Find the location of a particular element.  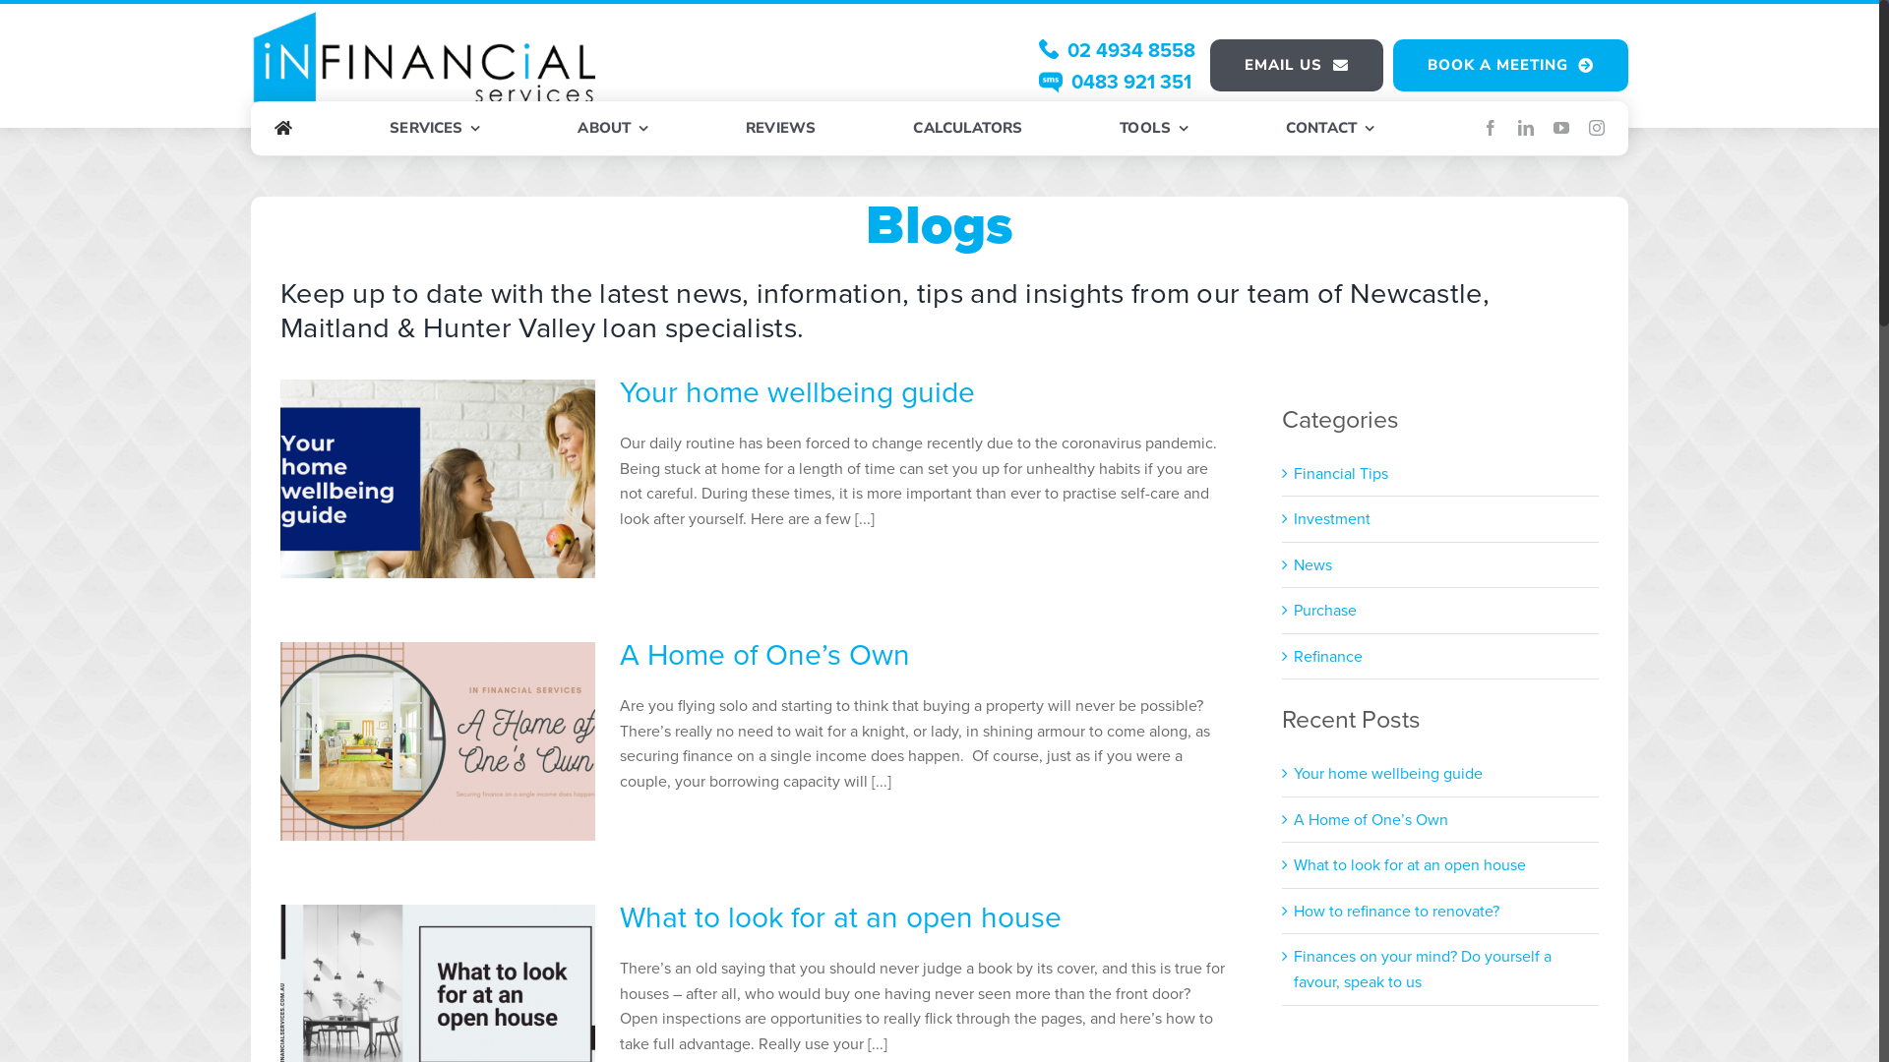

'CALCULATORS' is located at coordinates (967, 129).